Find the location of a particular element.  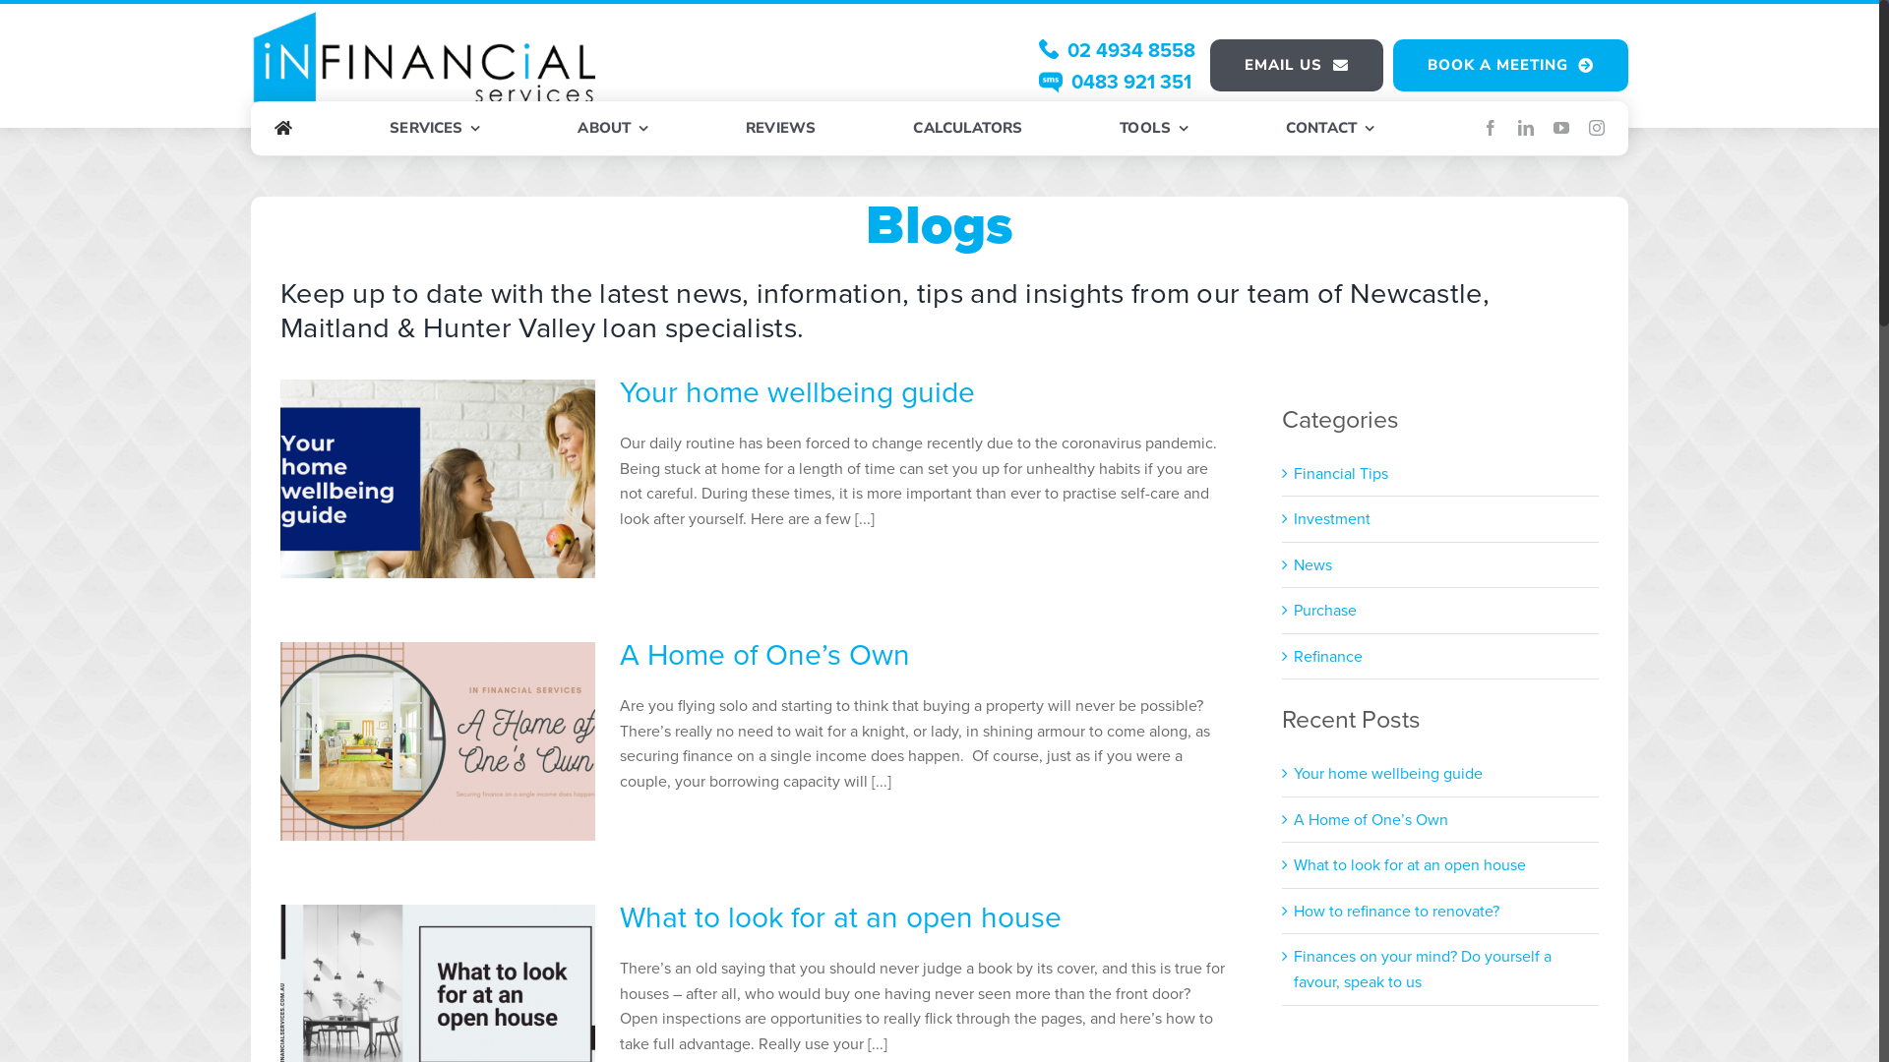

'CALCULATORS' is located at coordinates (967, 129).